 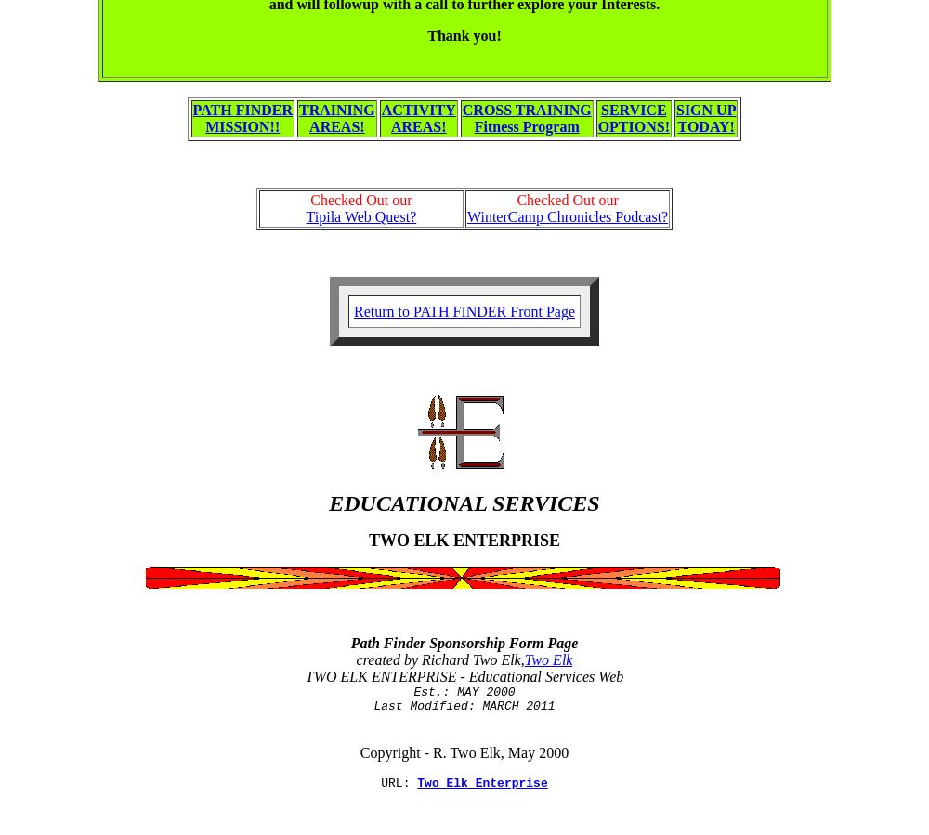 What do you see at coordinates (705, 125) in the screenshot?
I see `'TODAY!'` at bounding box center [705, 125].